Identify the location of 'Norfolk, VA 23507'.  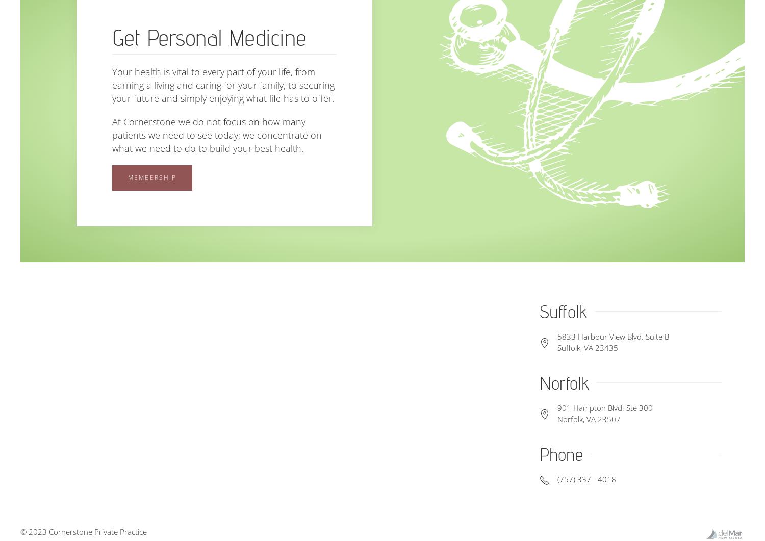
(588, 419).